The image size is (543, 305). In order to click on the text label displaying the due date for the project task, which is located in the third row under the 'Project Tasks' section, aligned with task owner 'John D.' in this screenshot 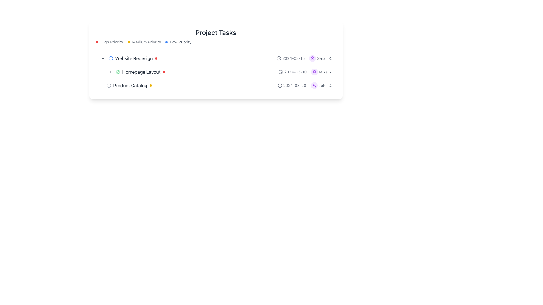, I will do `click(292, 86)`.